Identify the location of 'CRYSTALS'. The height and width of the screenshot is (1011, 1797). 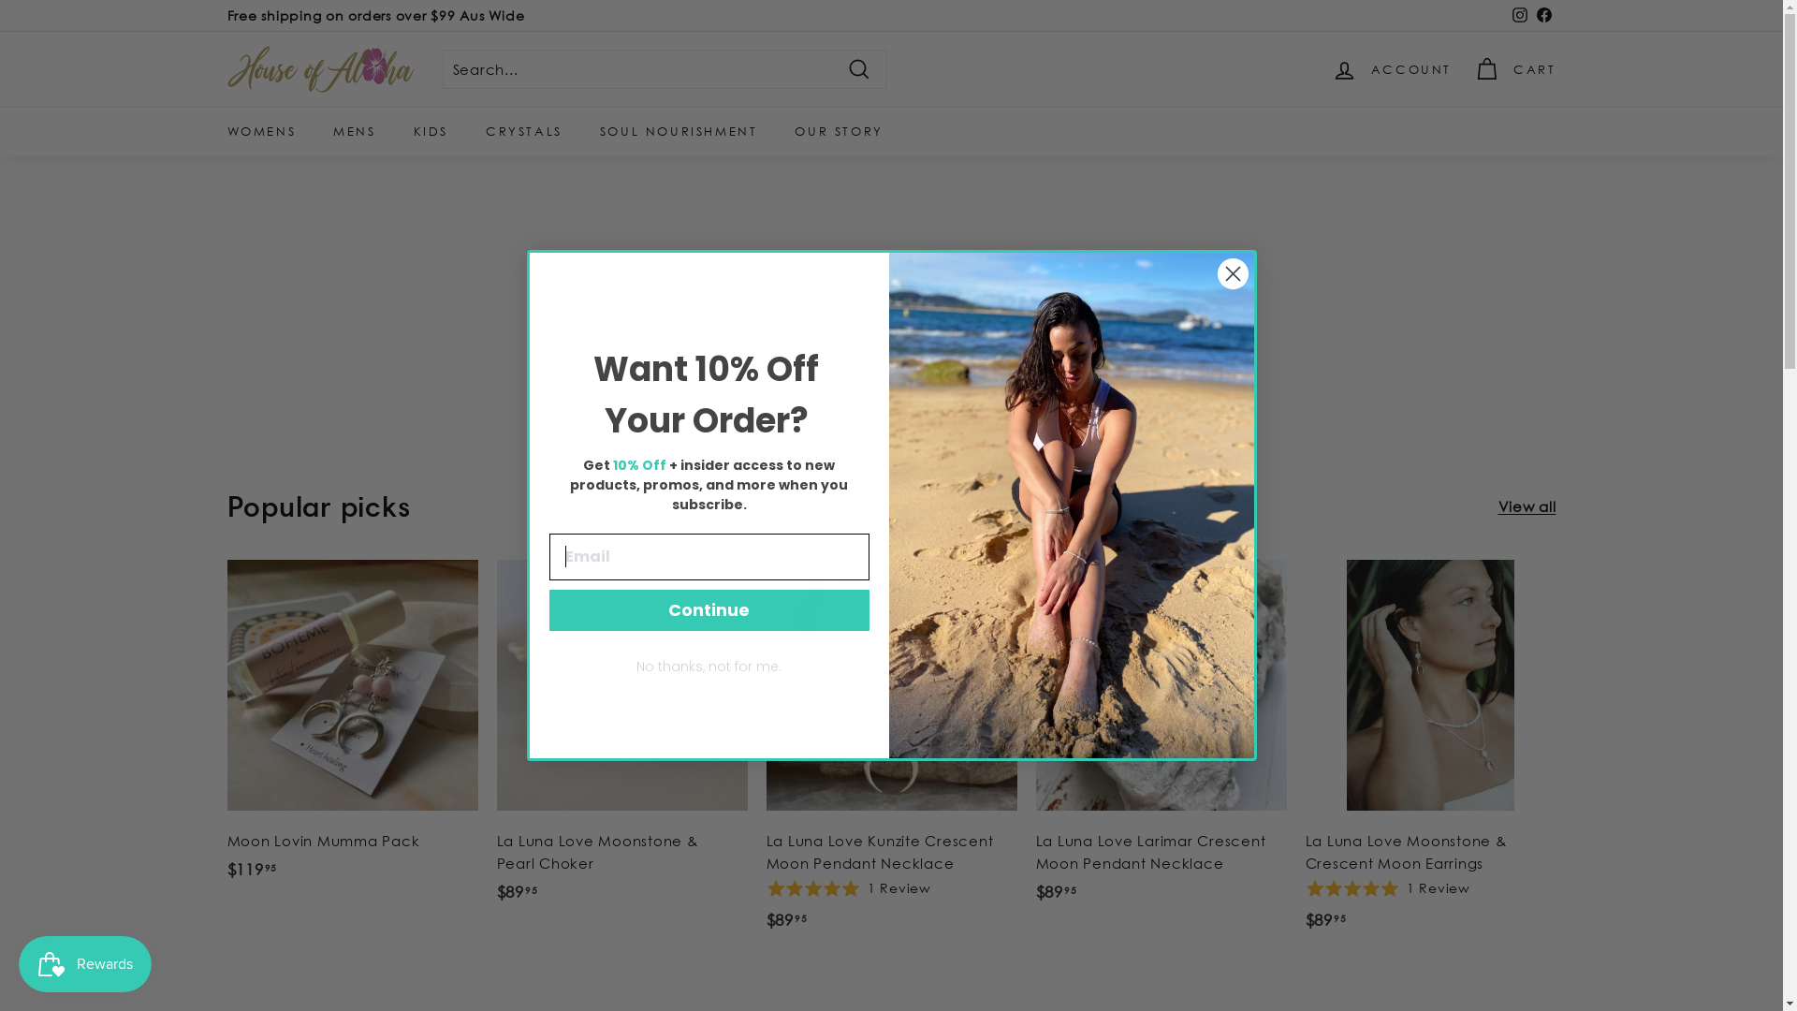
(524, 130).